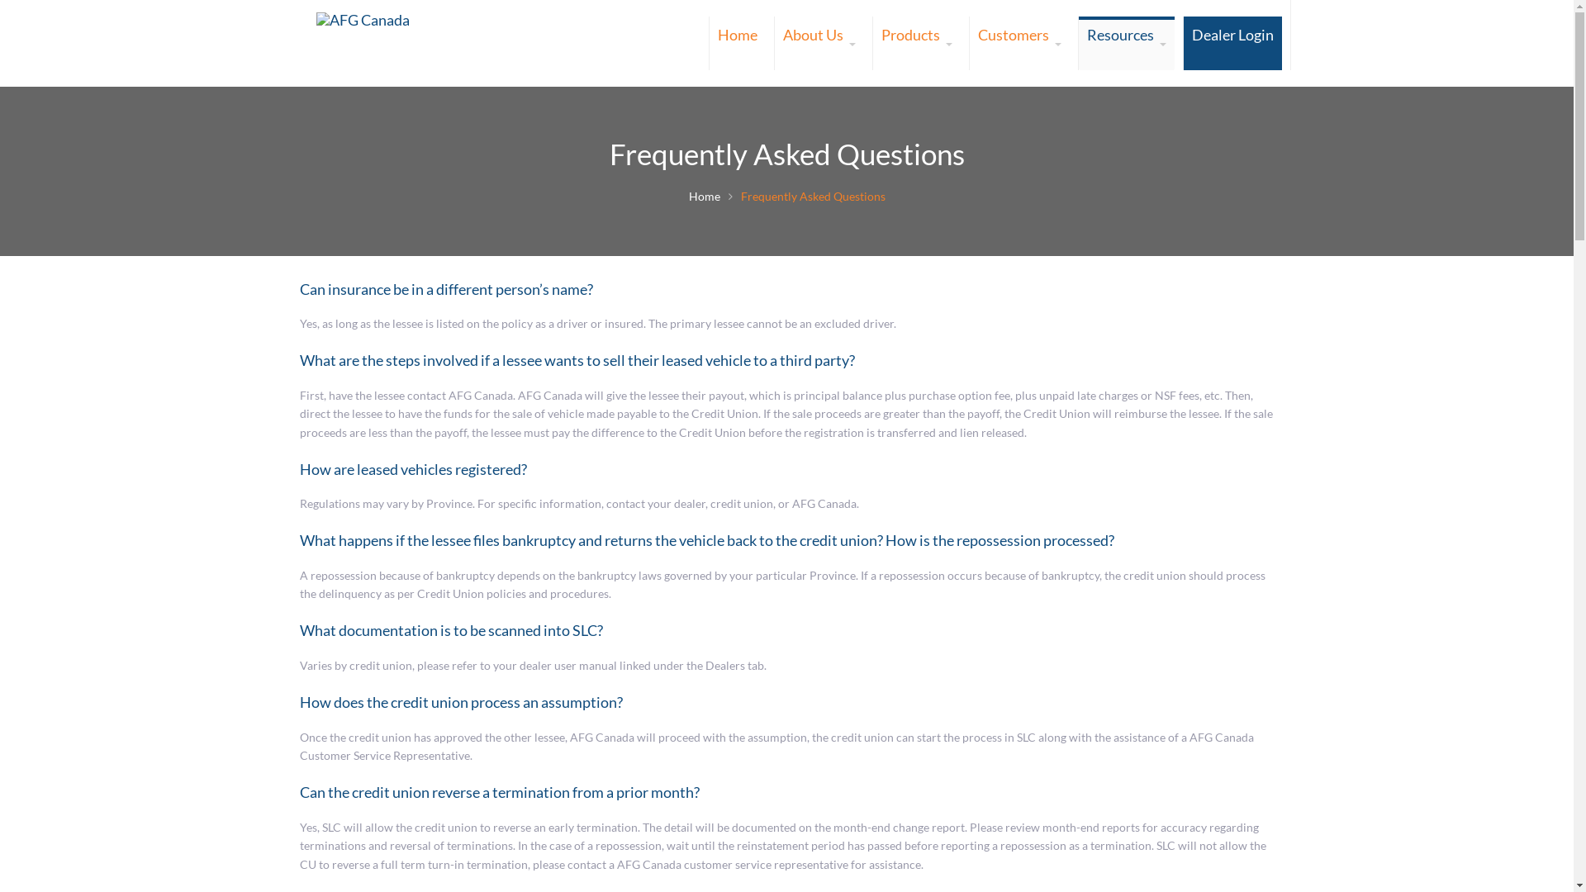  I want to click on 'Resources', so click(1078, 42).